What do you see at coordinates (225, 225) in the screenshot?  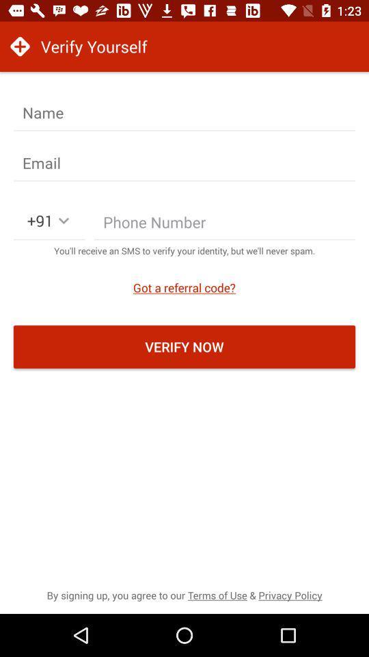 I see `phone number field` at bounding box center [225, 225].